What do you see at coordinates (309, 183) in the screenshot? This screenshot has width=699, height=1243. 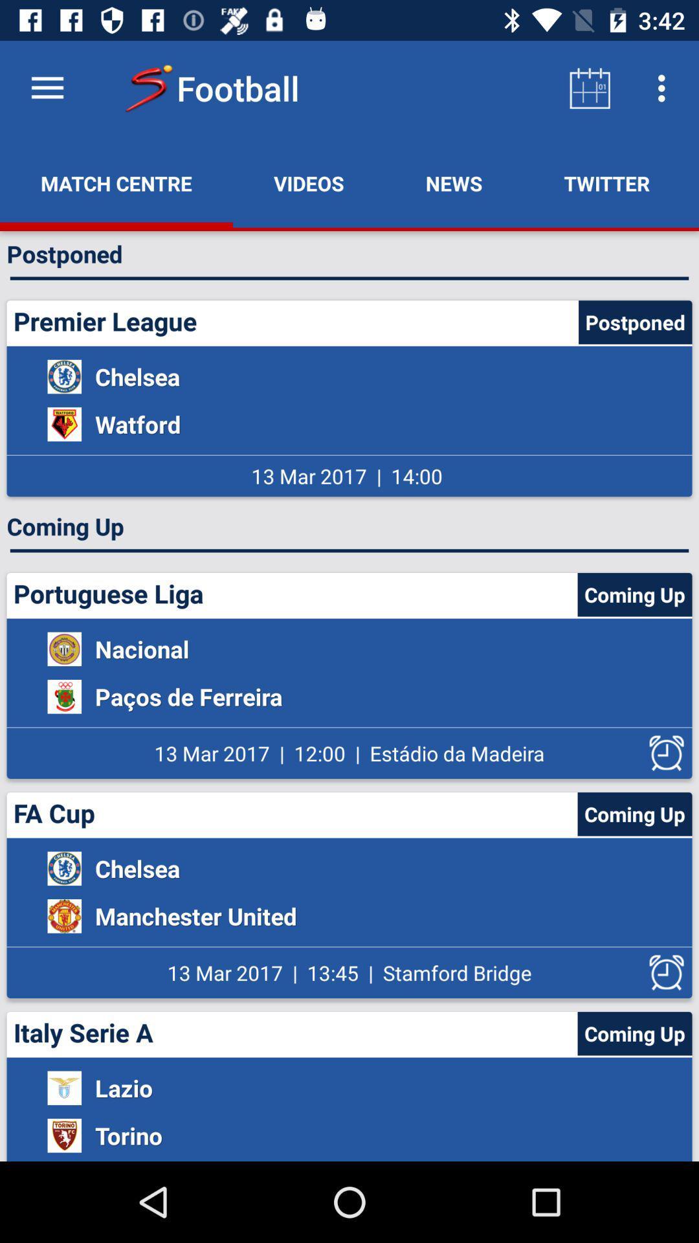 I see `videos` at bounding box center [309, 183].